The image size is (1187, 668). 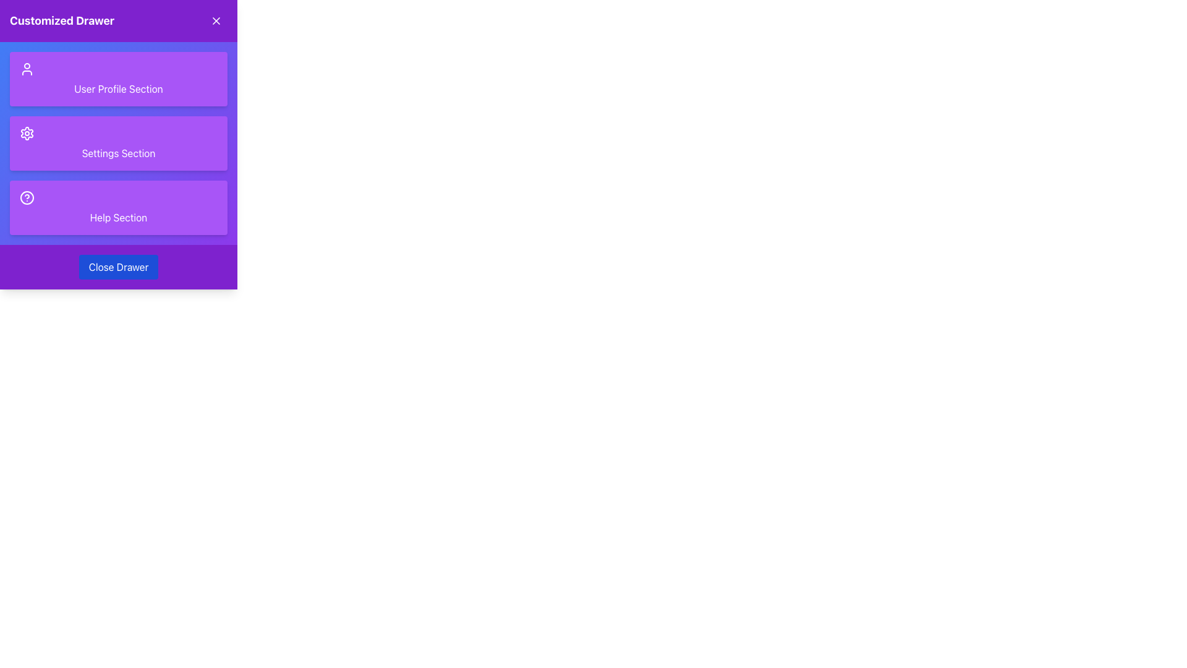 I want to click on the distinct 'Help Section' icon located to the left of the text 'Help Section' in the interface, so click(x=27, y=197).